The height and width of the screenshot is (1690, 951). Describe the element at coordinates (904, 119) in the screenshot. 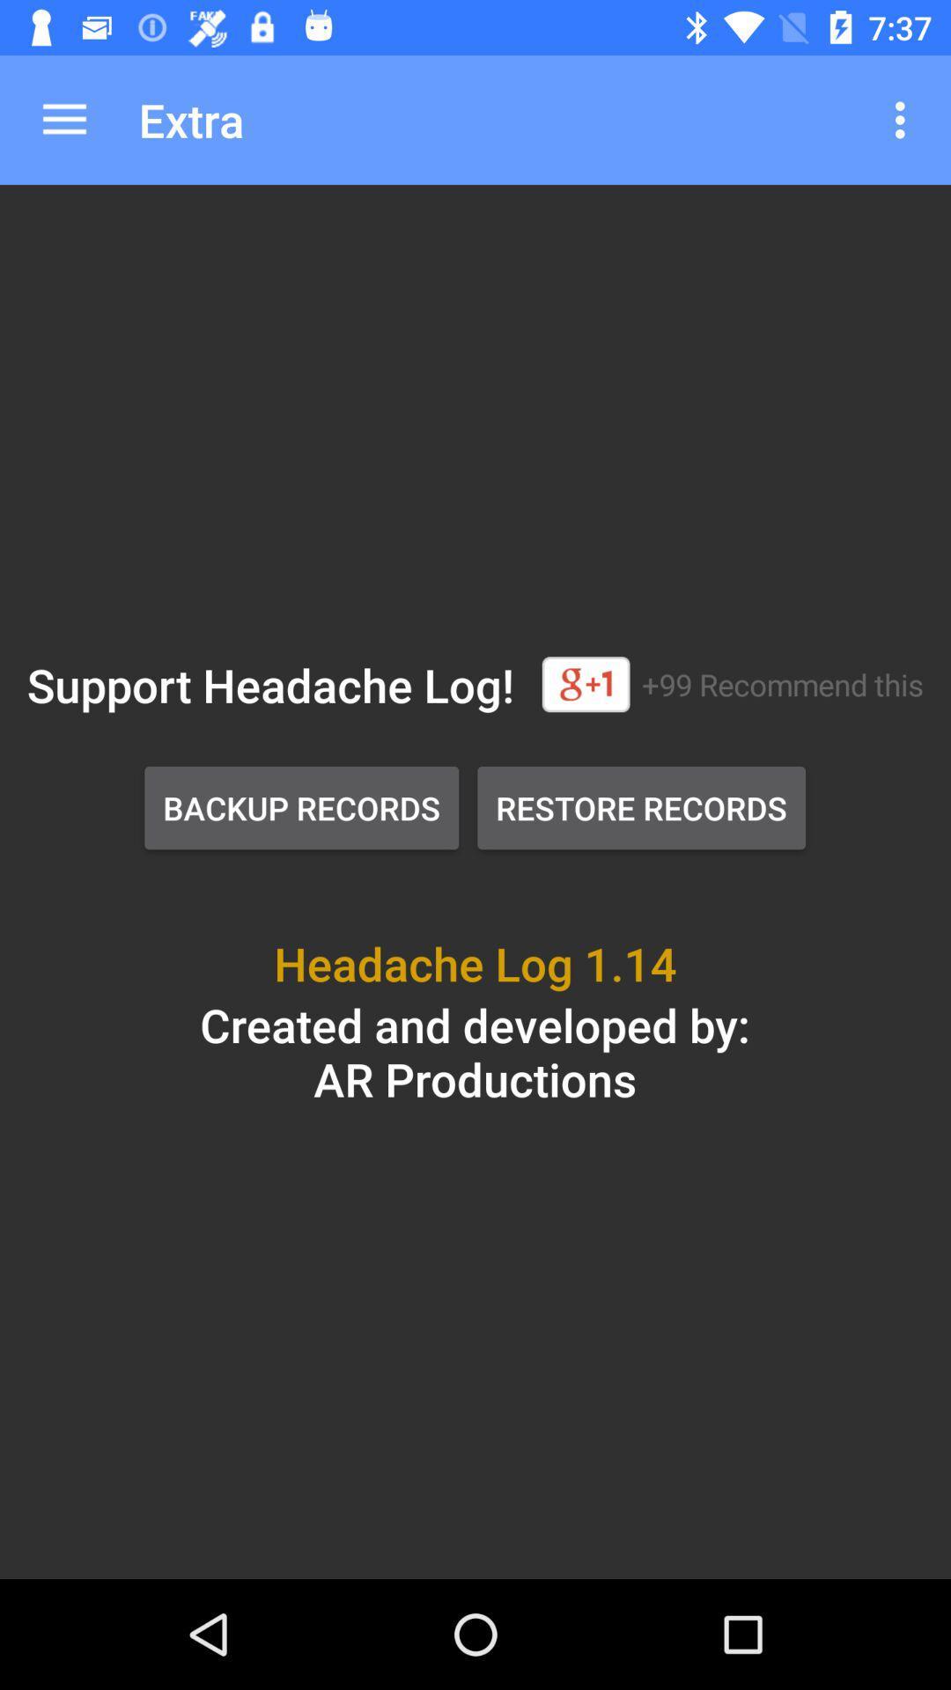

I see `icon at the top right corner` at that location.